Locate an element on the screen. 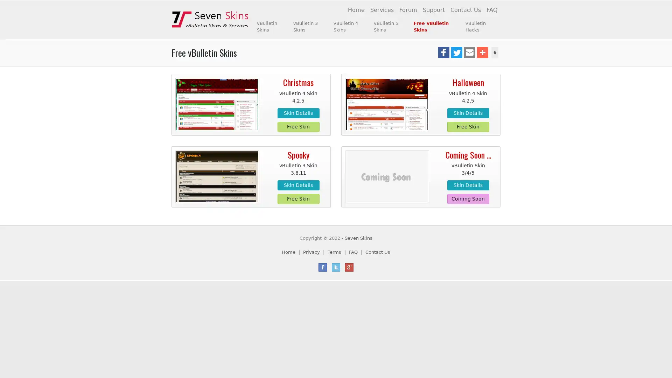  Free Skin is located at coordinates (298, 126).